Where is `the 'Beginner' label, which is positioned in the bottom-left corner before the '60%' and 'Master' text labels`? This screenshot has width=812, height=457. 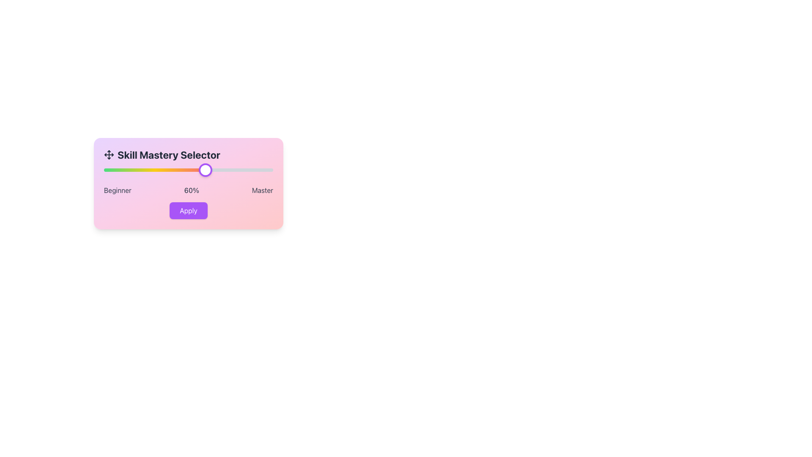
the 'Beginner' label, which is positioned in the bottom-left corner before the '60%' and 'Master' text labels is located at coordinates (117, 190).